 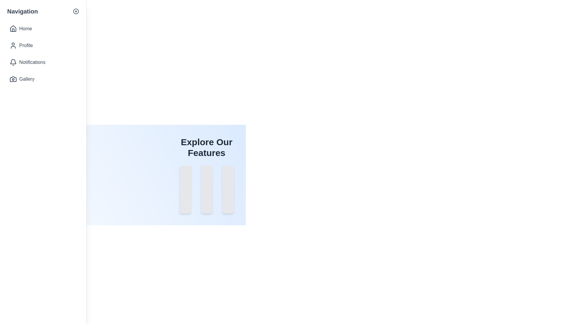 I want to click on the user profile icon located in the navigation sidebar, positioned to the left of the 'Profile' text, so click(x=13, y=45).